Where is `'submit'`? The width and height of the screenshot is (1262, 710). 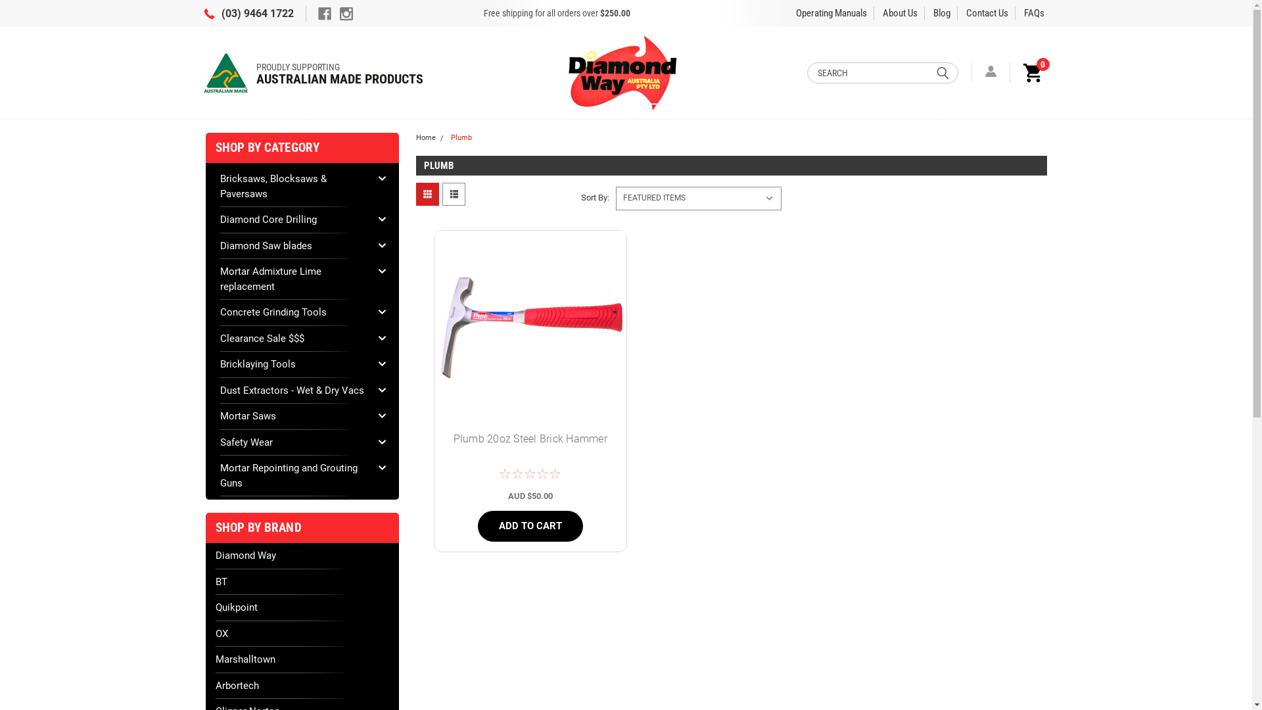 'submit' is located at coordinates (942, 72).